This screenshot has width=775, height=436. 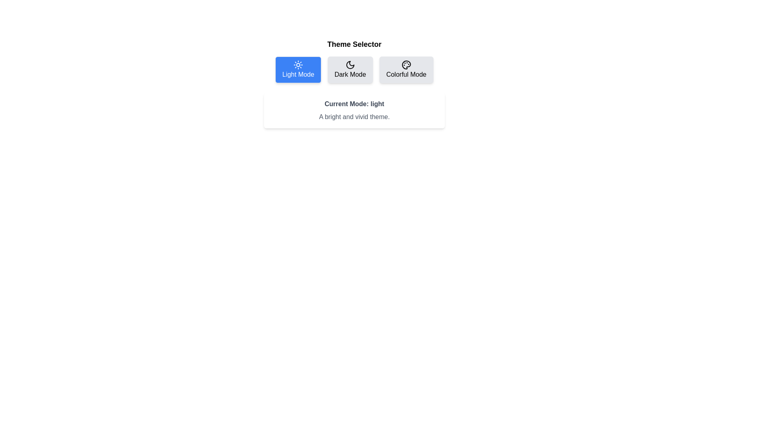 I want to click on the third button in the row that activates 'Colorful Mode' to observe the hover effect, so click(x=406, y=69).